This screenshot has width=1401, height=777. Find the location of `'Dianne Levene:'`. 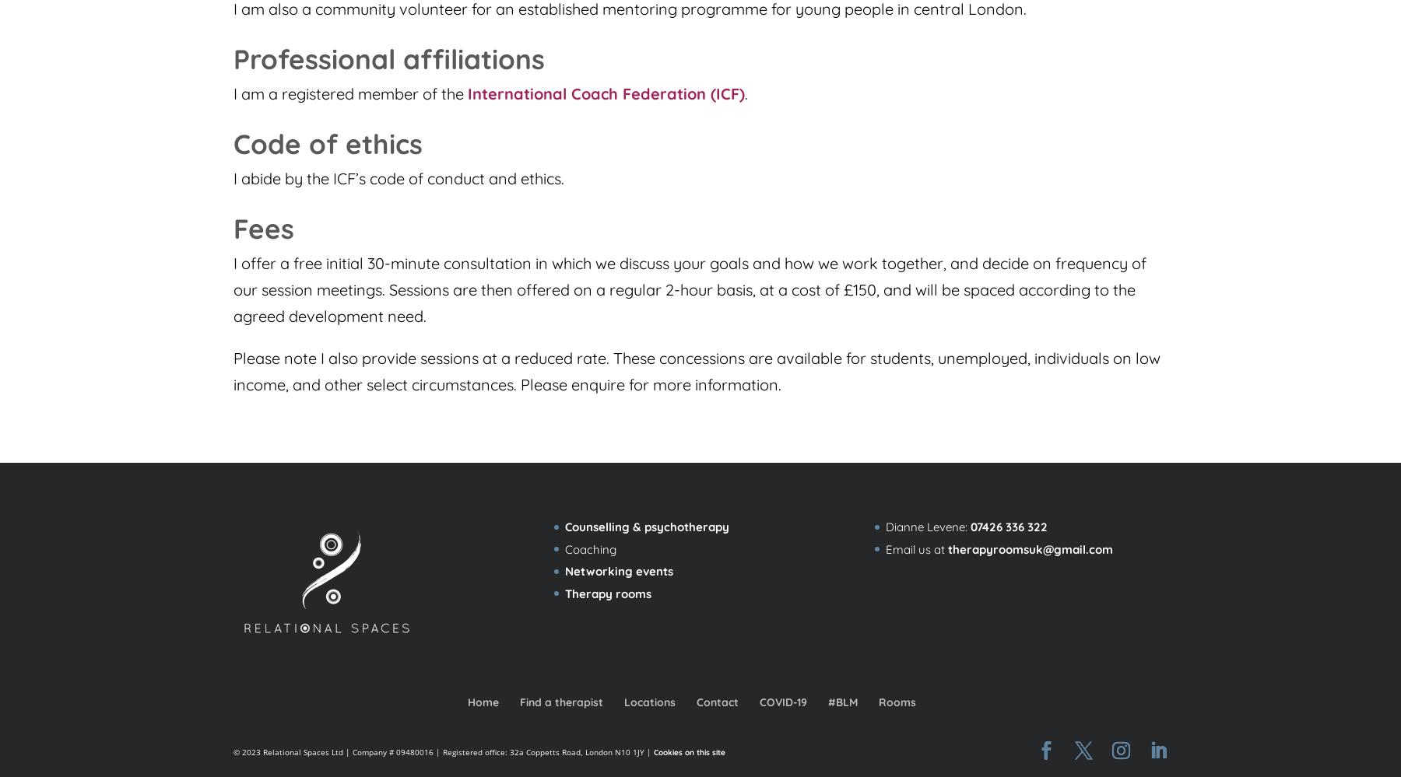

'Dianne Levene:' is located at coordinates (926, 527).